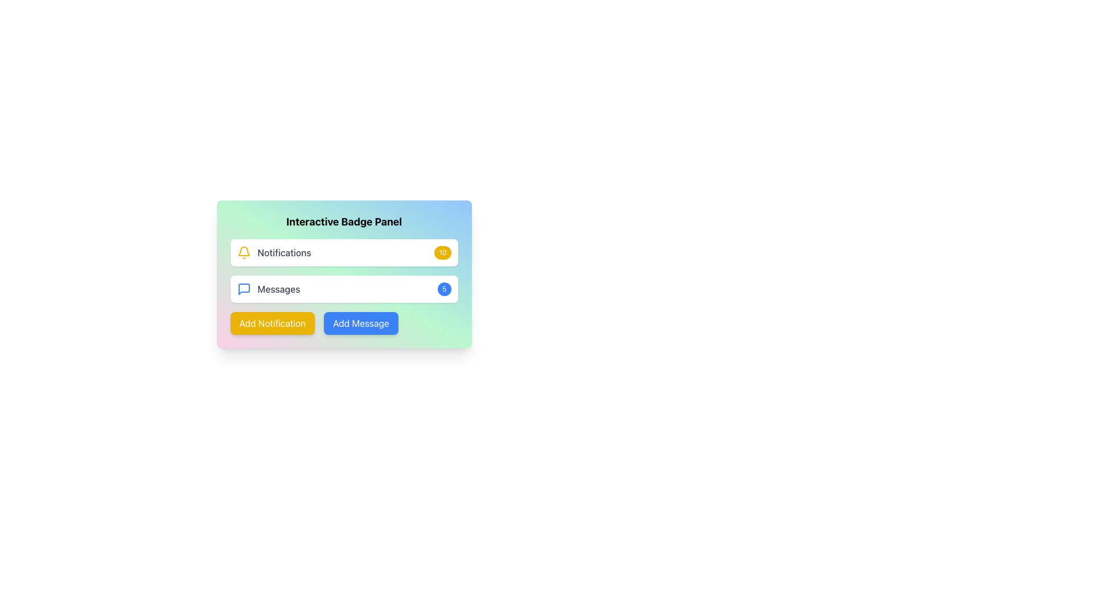  Describe the element at coordinates (274, 252) in the screenshot. I see `the 'Notifications' label which includes a yellow bell icon and gray text, located in the top-left area of the notification header` at that location.